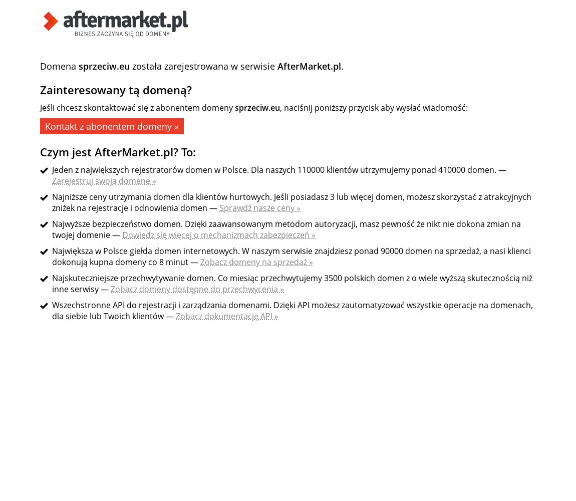 This screenshot has width=576, height=501. What do you see at coordinates (341, 66) in the screenshot?
I see `'.'` at bounding box center [341, 66].